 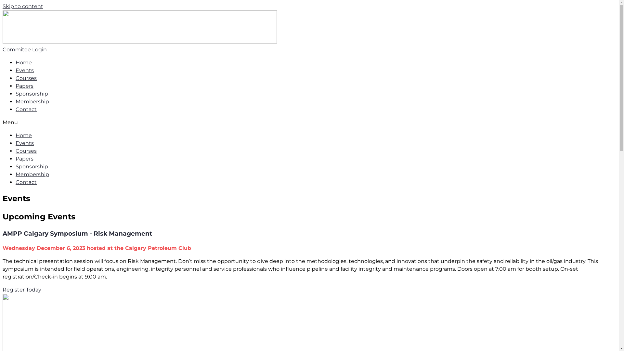 I want to click on 'Events', so click(x=25, y=70).